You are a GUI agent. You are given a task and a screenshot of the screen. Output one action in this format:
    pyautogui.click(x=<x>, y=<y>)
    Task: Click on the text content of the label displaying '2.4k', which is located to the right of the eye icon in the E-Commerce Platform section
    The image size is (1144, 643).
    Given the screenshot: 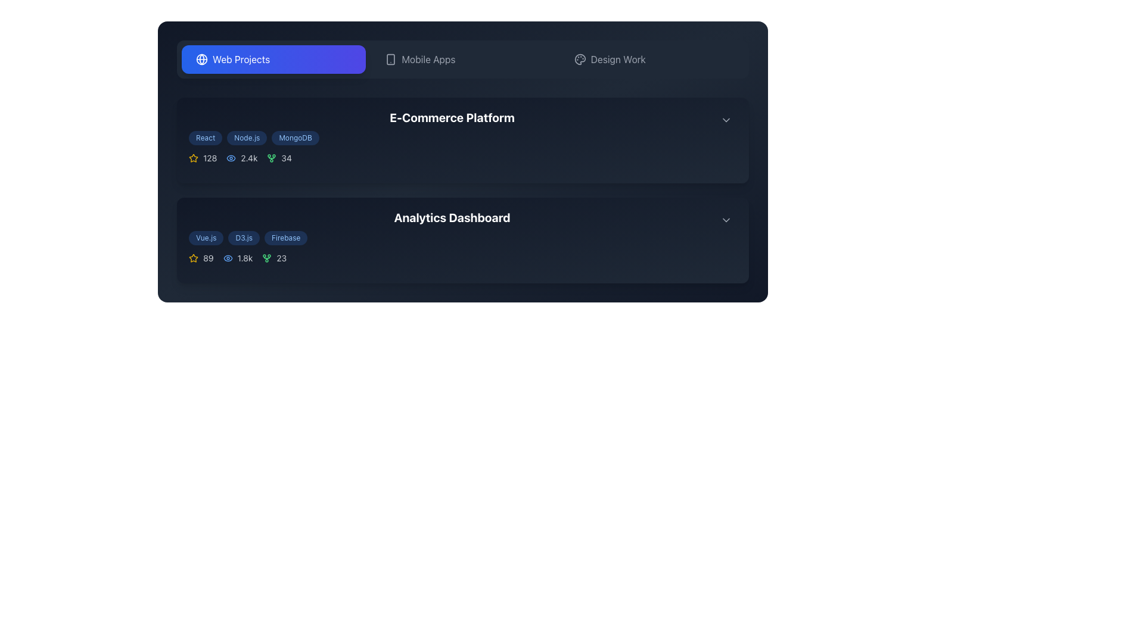 What is the action you would take?
    pyautogui.click(x=248, y=158)
    